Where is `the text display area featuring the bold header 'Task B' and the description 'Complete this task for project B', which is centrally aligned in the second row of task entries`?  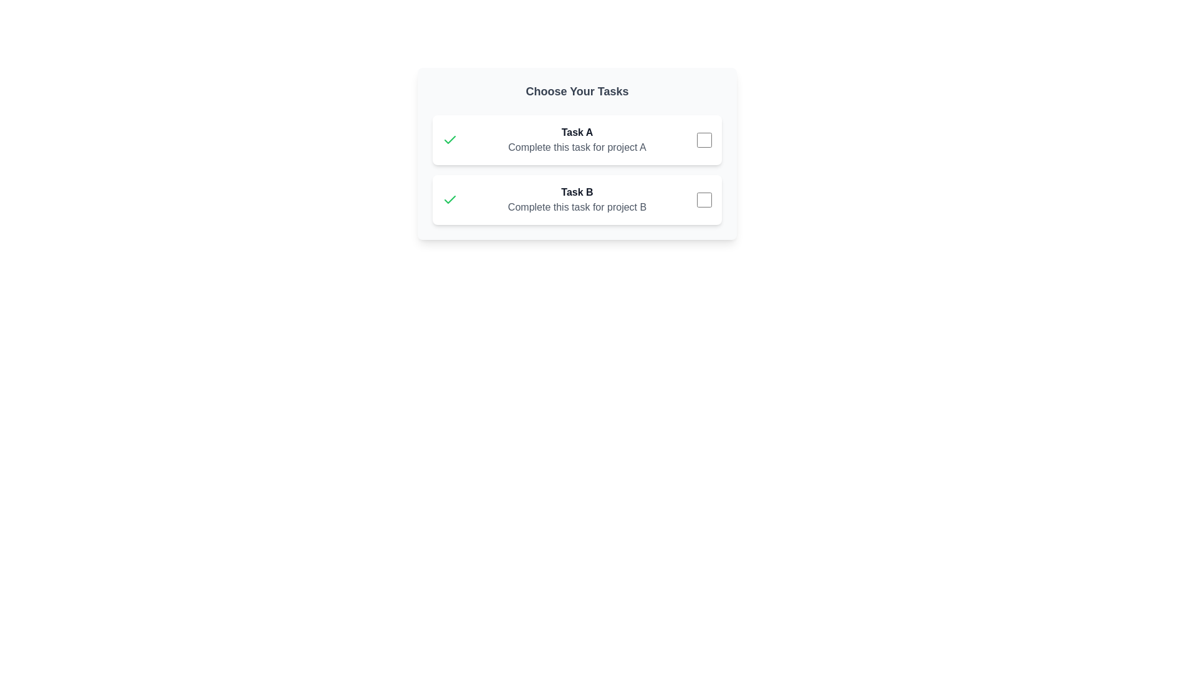
the text display area featuring the bold header 'Task B' and the description 'Complete this task for project B', which is centrally aligned in the second row of task entries is located at coordinates (577, 199).